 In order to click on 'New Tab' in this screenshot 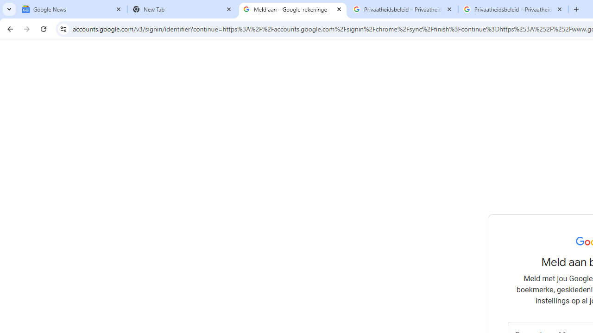, I will do `click(183, 9)`.